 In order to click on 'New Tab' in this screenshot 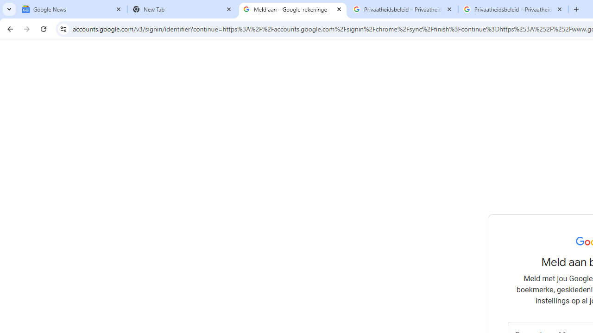, I will do `click(183, 9)`.